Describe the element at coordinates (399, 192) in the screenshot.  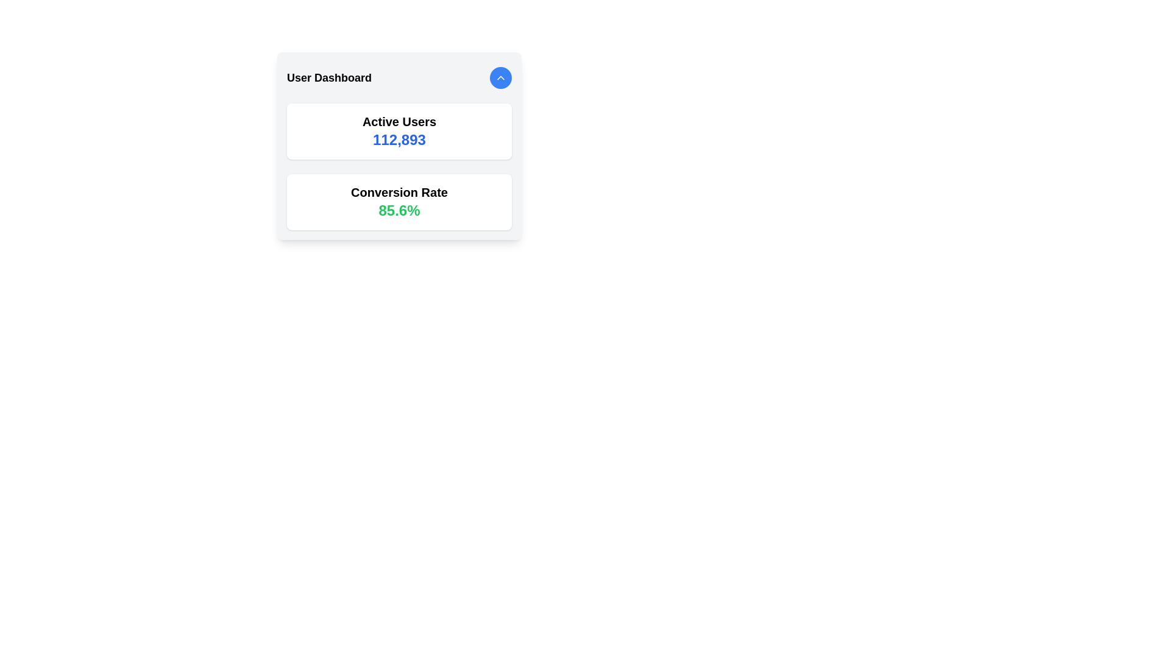
I see `the 'Conversion Rate' static text label` at that location.